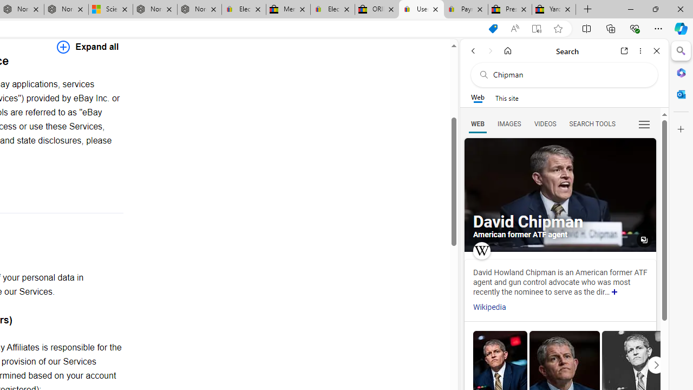 The width and height of the screenshot is (693, 390). I want to click on 'Search Filter, IMAGES', so click(508, 123).